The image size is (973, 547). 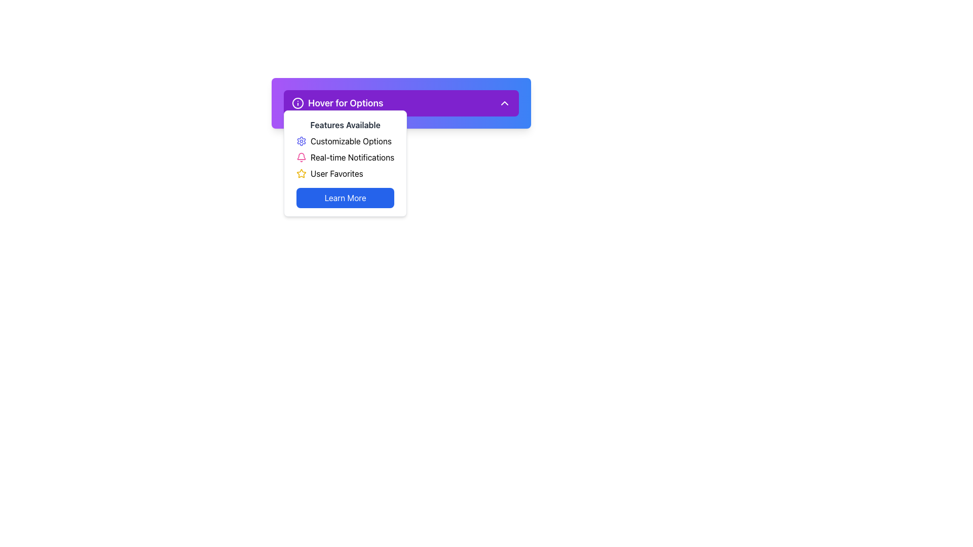 I want to click on the text label 'Customizable Options' in the dropdown menu, so click(x=351, y=141).